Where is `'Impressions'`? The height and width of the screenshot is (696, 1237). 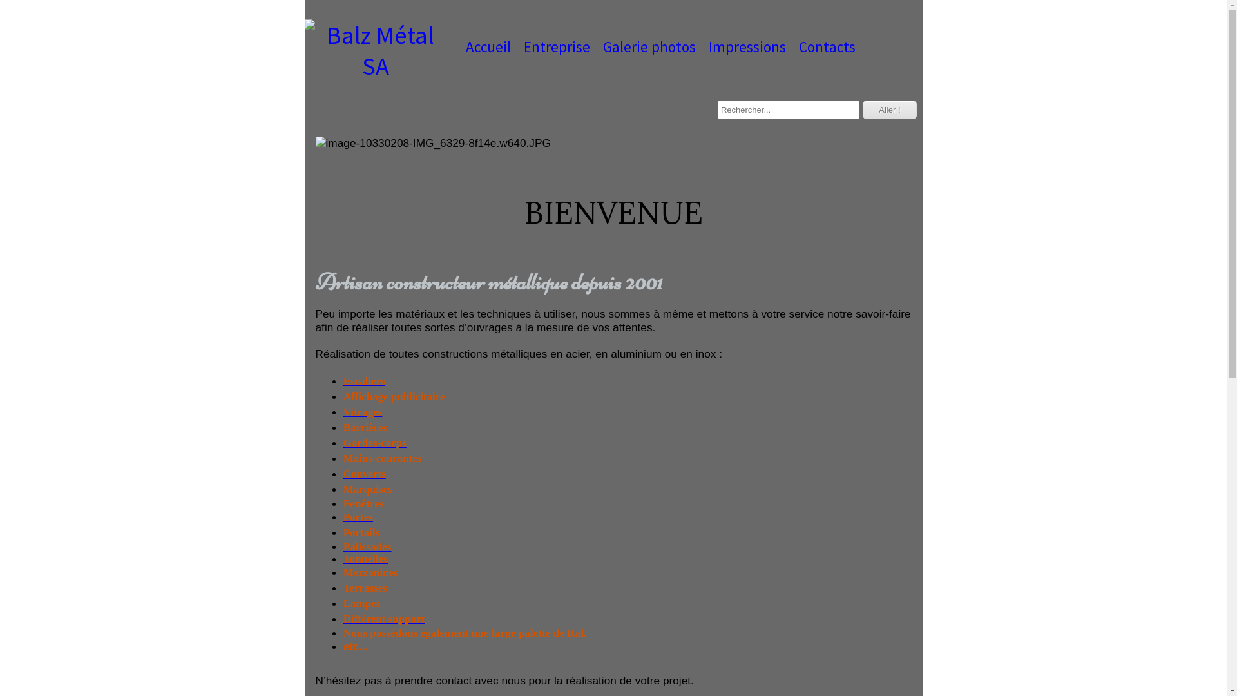 'Impressions' is located at coordinates (747, 46).